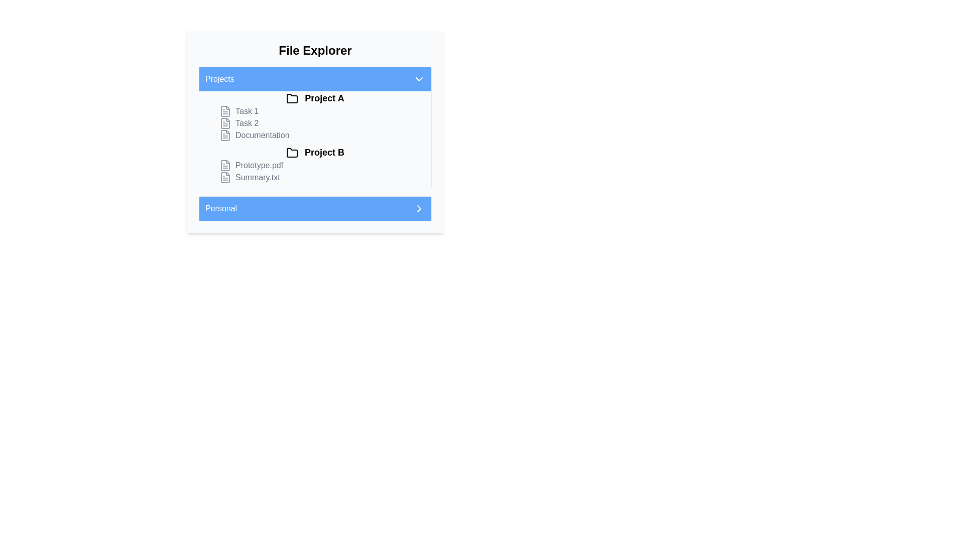  Describe the element at coordinates (419, 208) in the screenshot. I see `the icon located on the rightmost side of the blue rectangular area labeled 'Personal'` at that location.